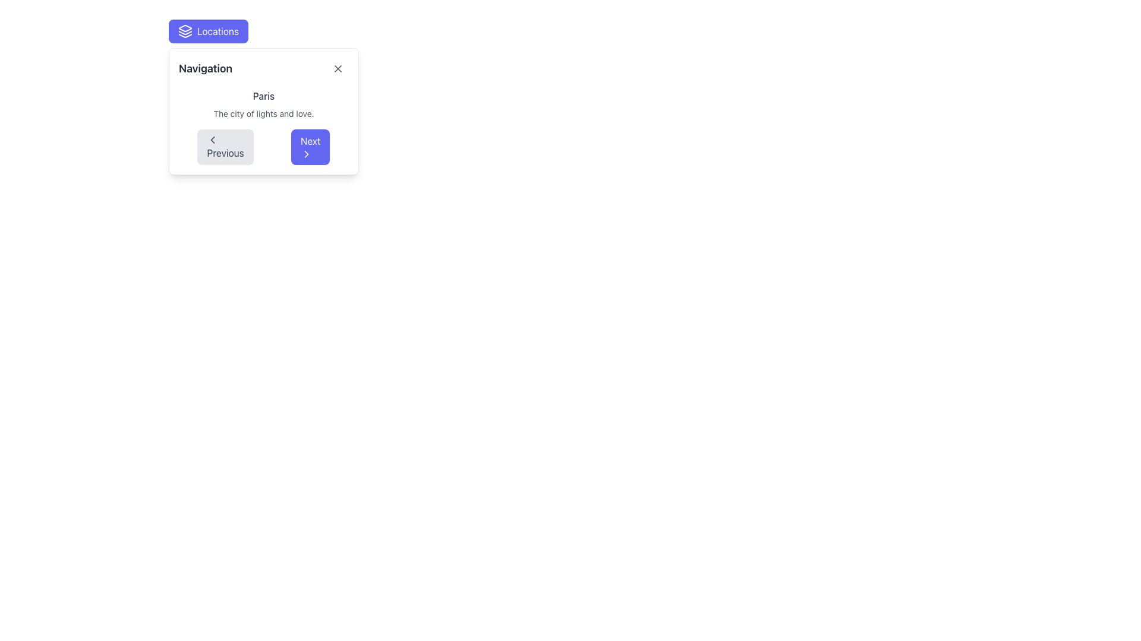  I want to click on the 'Navigation' label, which serves as a static textual heading for the section, so click(205, 68).